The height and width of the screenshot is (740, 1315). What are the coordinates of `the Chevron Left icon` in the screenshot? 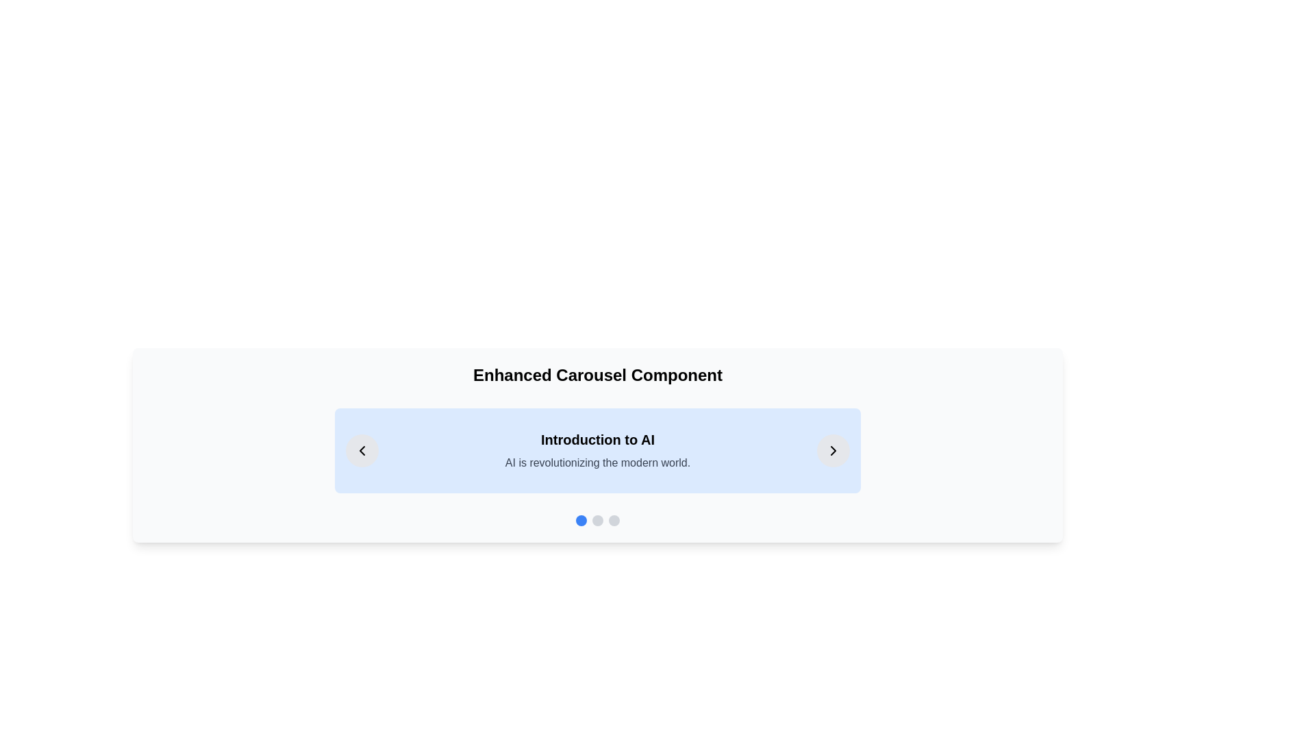 It's located at (362, 451).